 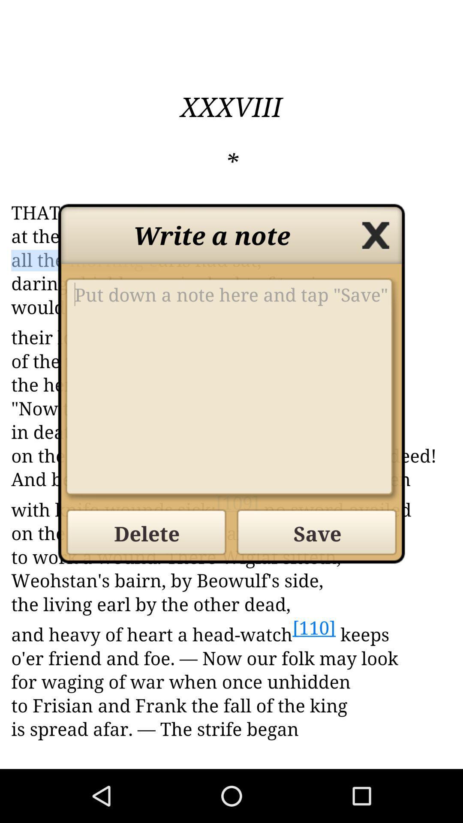 What do you see at coordinates (231, 389) in the screenshot?
I see `note field` at bounding box center [231, 389].